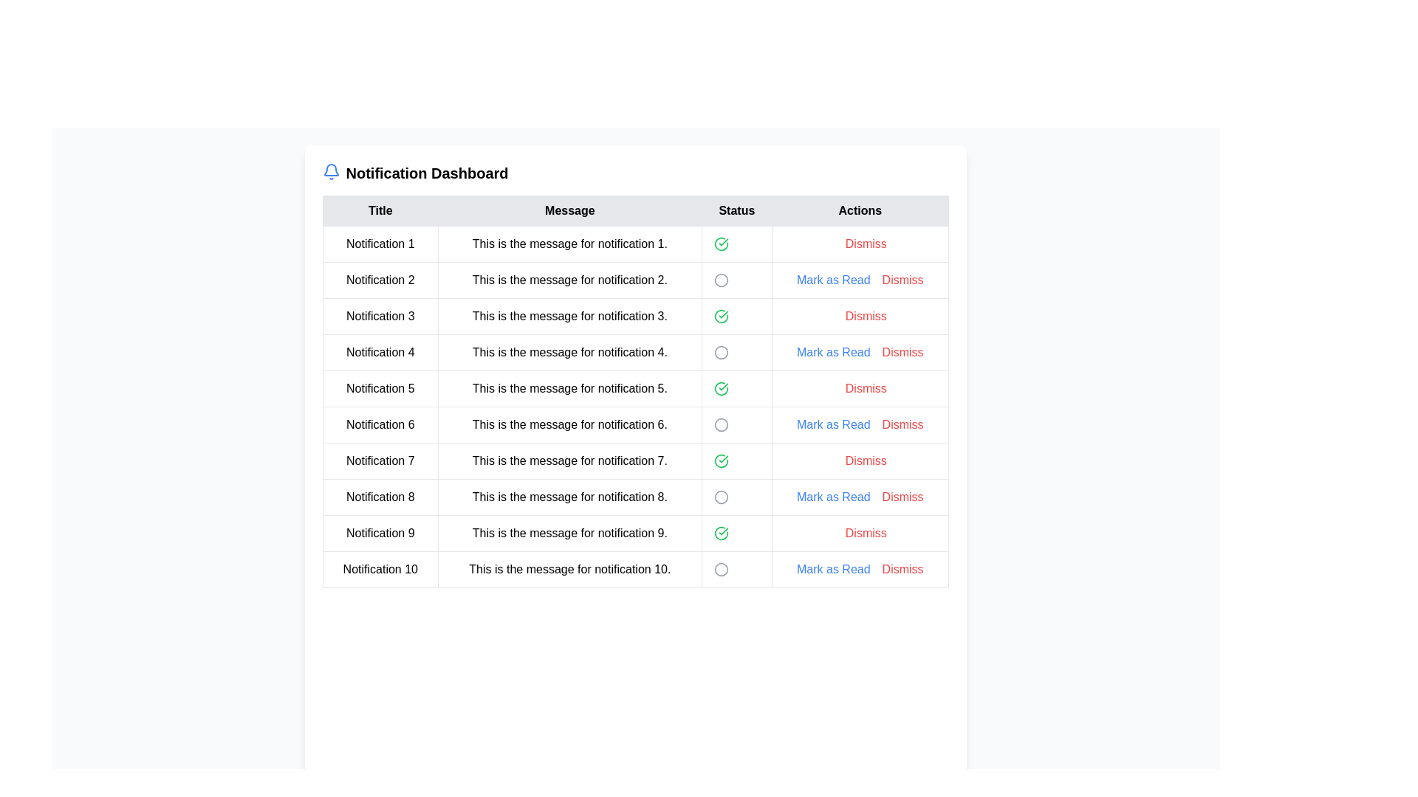 This screenshot has width=1418, height=797. What do you see at coordinates (721, 533) in the screenshot?
I see `the status icon in the 9th row of the notification table that indicates the notification has been successfully handled or marked as complete` at bounding box center [721, 533].